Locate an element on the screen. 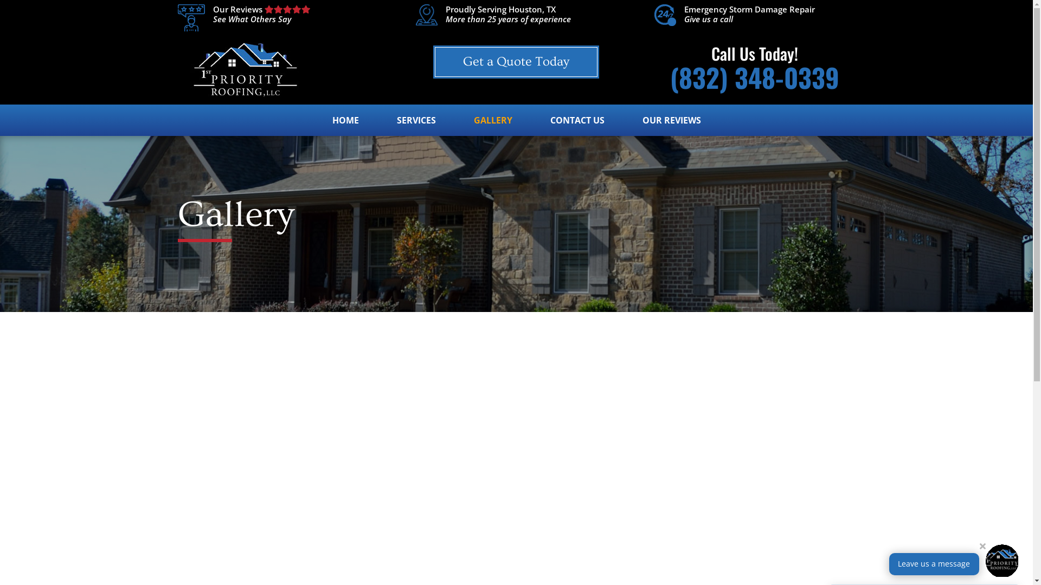 The image size is (1041, 585). 'SERVICES' is located at coordinates (416, 125).